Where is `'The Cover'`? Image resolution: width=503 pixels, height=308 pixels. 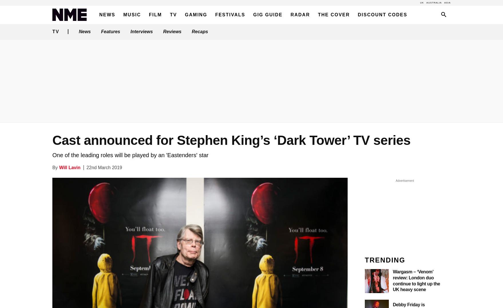
'The Cover' is located at coordinates (333, 15).